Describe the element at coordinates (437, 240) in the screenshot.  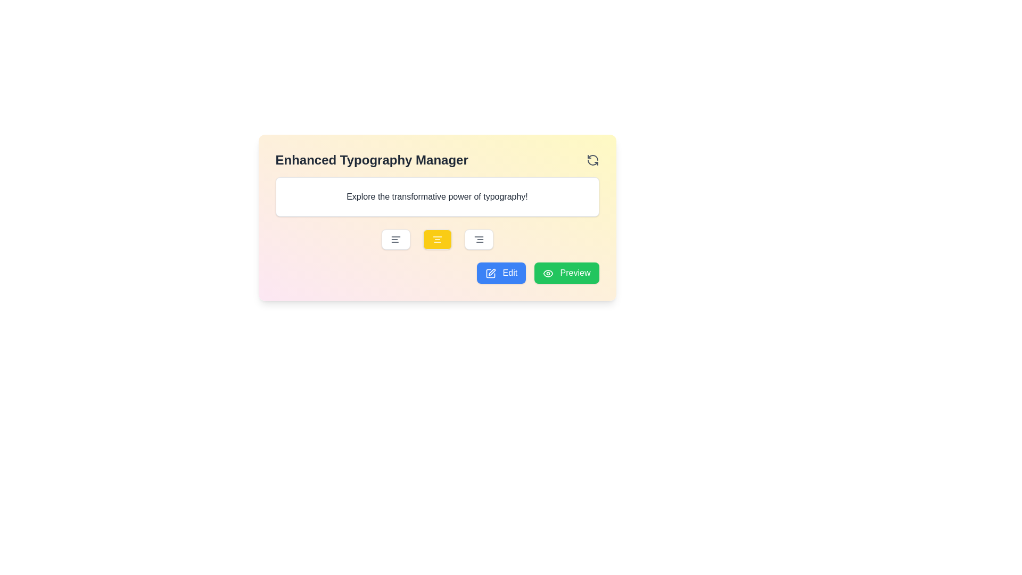
I see `the 'align center' icon` at that location.